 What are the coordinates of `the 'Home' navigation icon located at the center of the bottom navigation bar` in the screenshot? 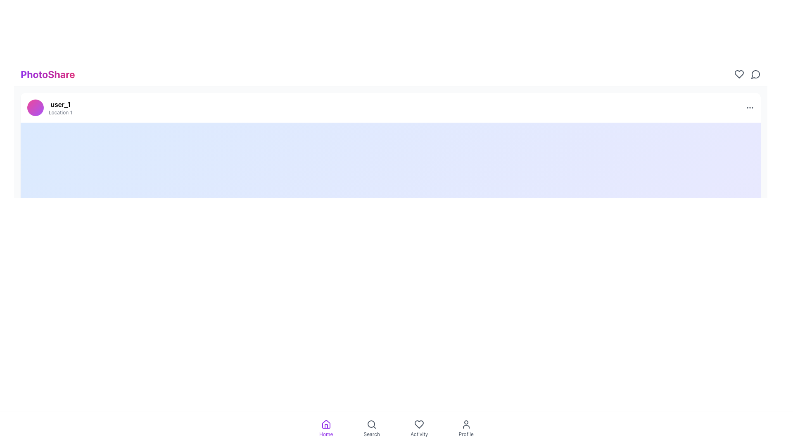 It's located at (325, 425).